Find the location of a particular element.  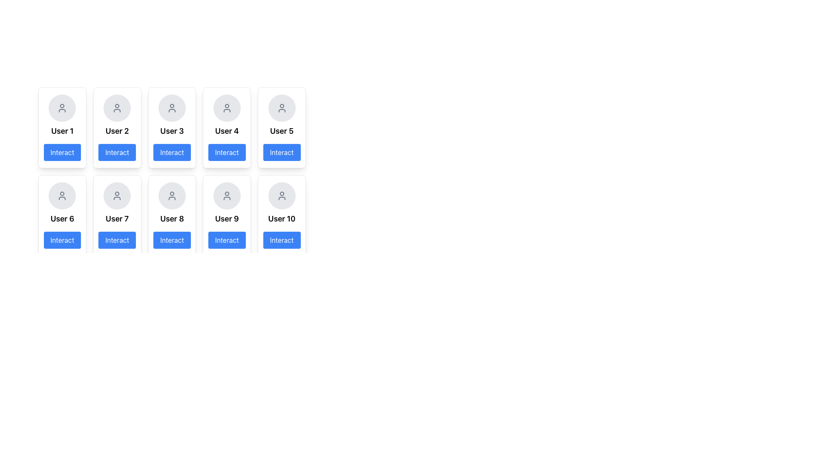

the Static text label displaying 'User 2', which is positioned below a user icon and above the 'Interact' button in the second card of the top row in the grid of user cards is located at coordinates (117, 131).